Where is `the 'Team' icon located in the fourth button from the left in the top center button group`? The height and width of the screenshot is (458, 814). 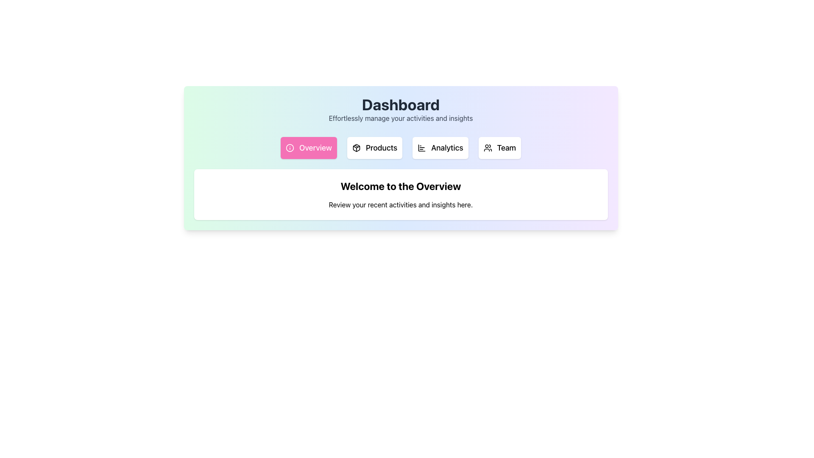 the 'Team' icon located in the fourth button from the left in the top center button group is located at coordinates (488, 147).